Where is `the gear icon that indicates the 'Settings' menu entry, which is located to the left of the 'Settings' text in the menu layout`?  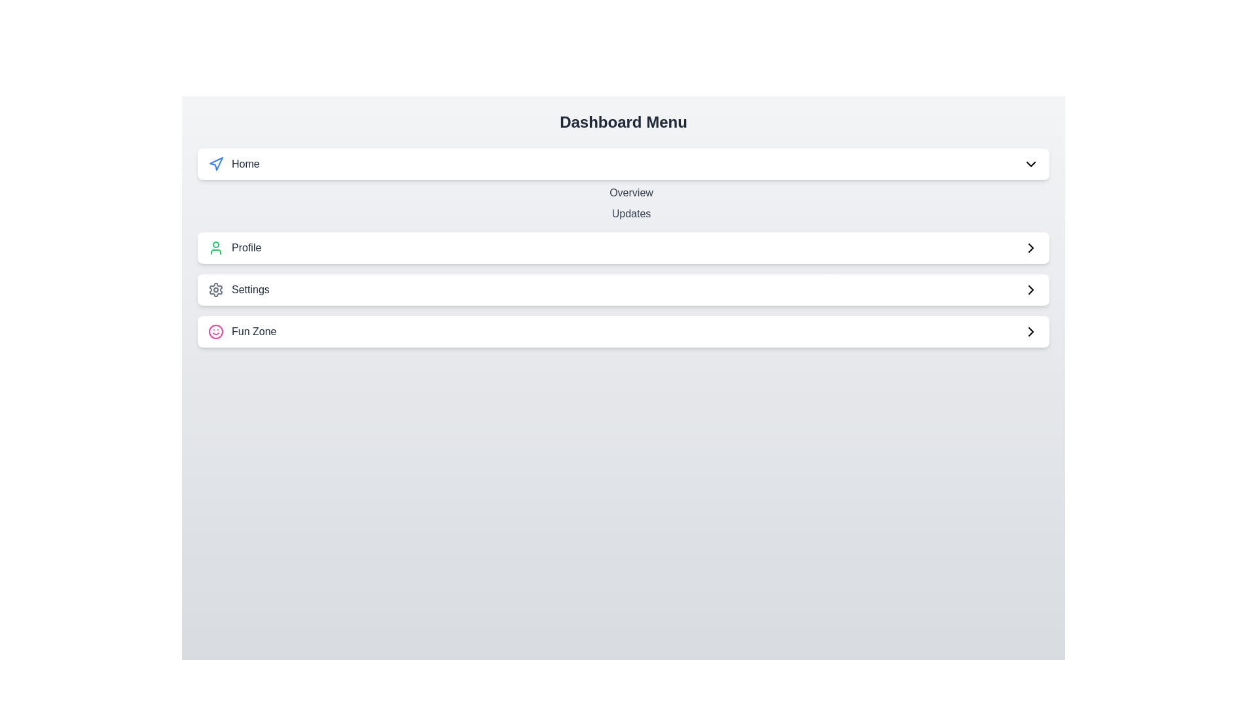
the gear icon that indicates the 'Settings' menu entry, which is located to the left of the 'Settings' text in the menu layout is located at coordinates (216, 289).